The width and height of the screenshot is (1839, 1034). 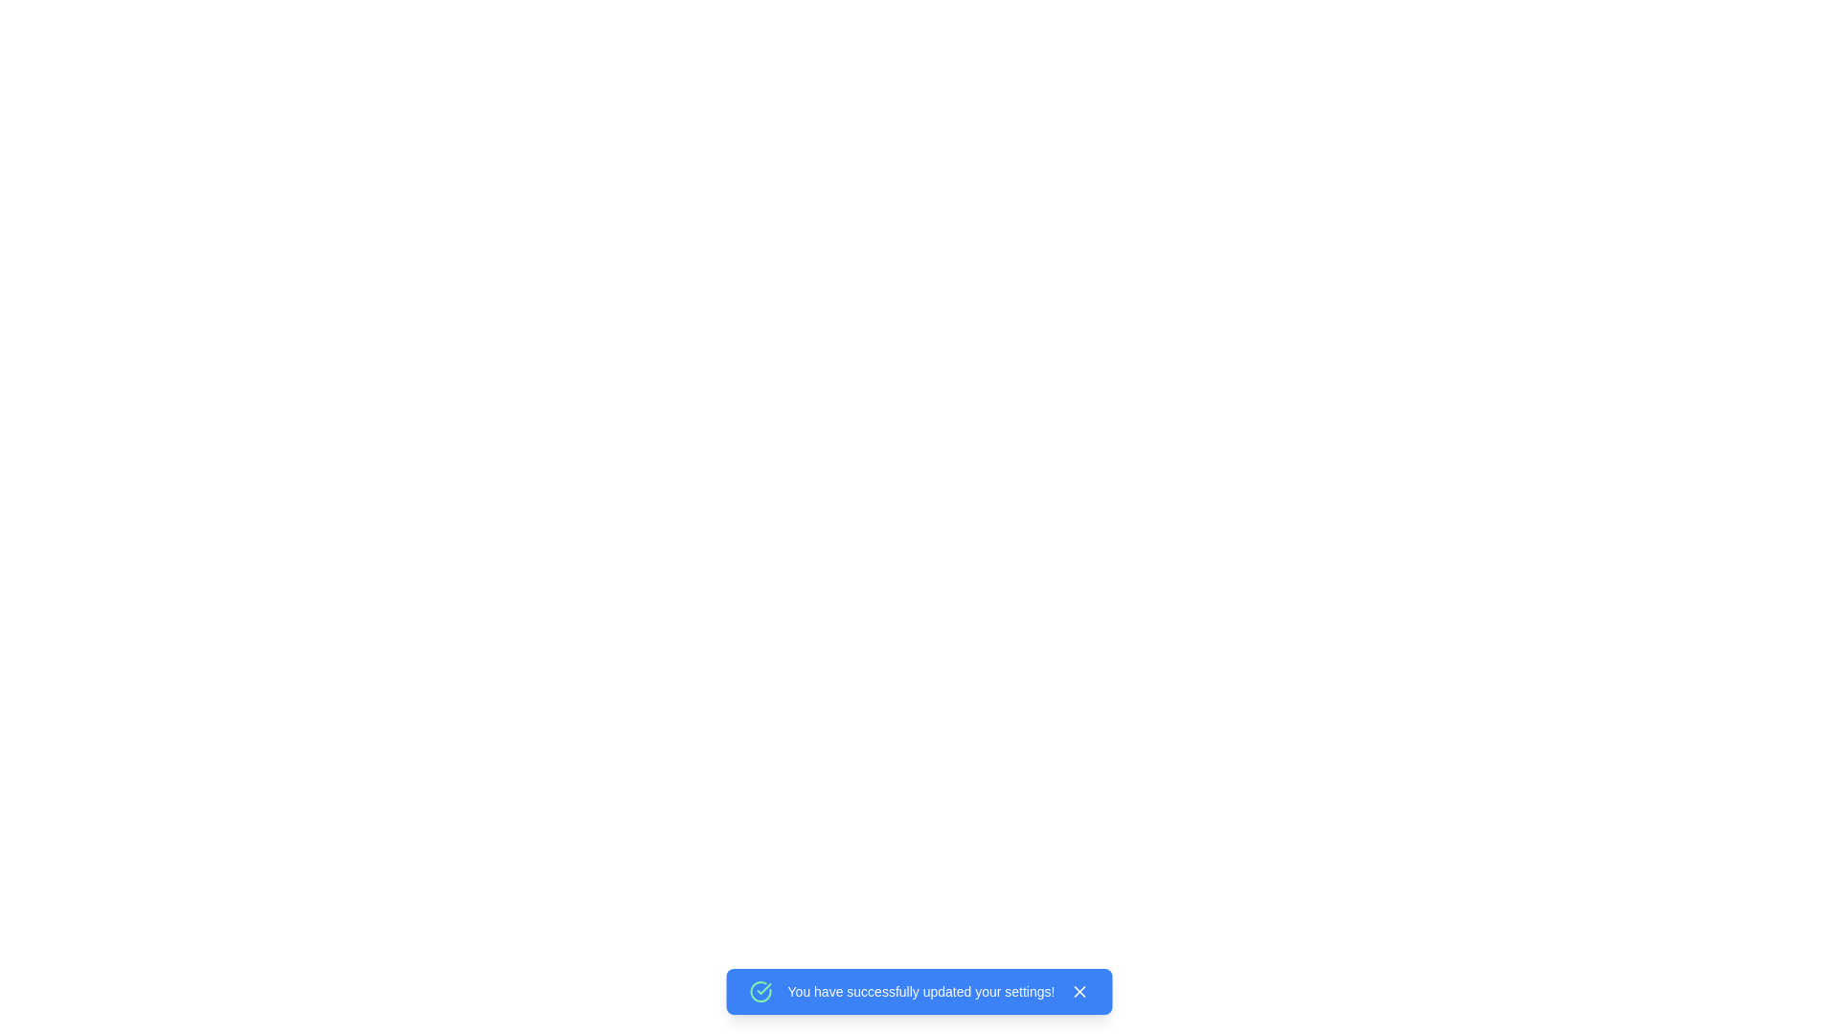 What do you see at coordinates (1079, 991) in the screenshot?
I see `the close button located at the far-right side of the notification popup to observe the color change` at bounding box center [1079, 991].